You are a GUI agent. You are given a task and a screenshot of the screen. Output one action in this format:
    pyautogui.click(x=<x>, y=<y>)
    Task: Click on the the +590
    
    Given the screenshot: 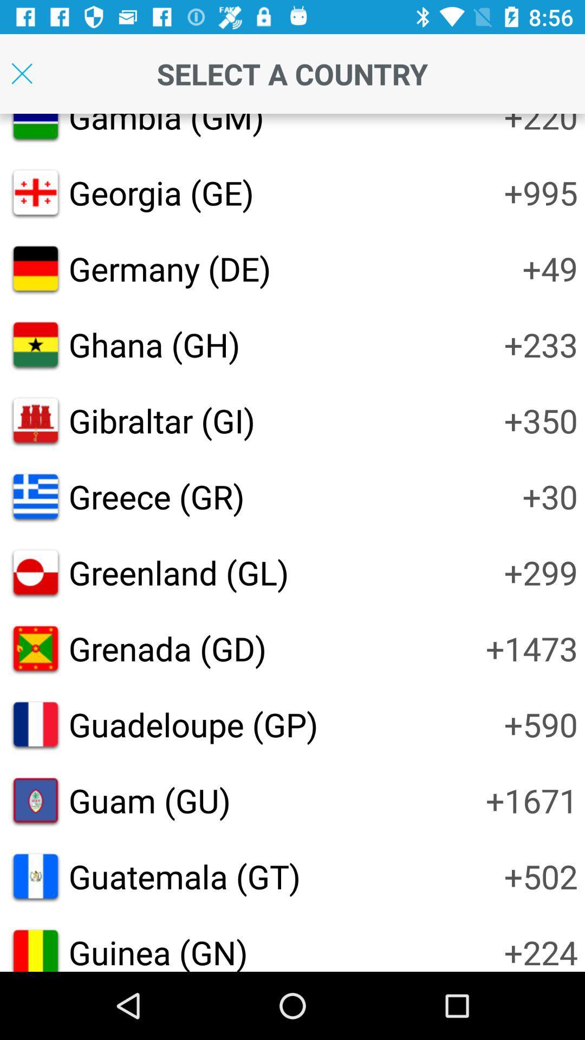 What is the action you would take?
    pyautogui.click(x=541, y=724)
    